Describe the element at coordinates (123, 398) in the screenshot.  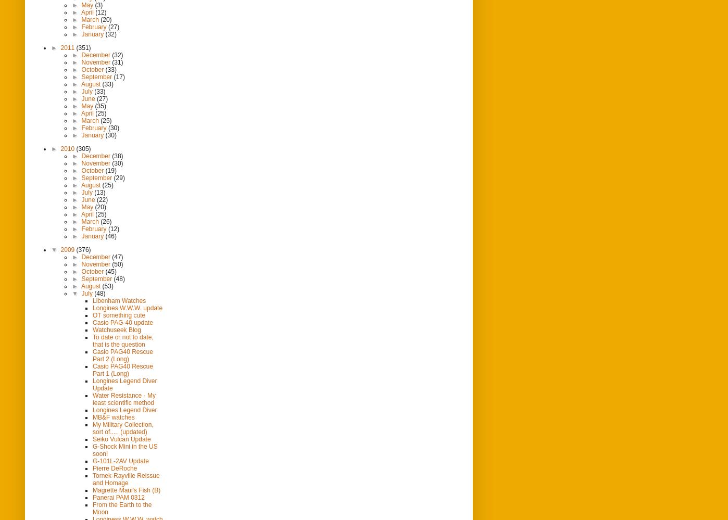
I see `'Water Resistance - My least scientific method'` at that location.